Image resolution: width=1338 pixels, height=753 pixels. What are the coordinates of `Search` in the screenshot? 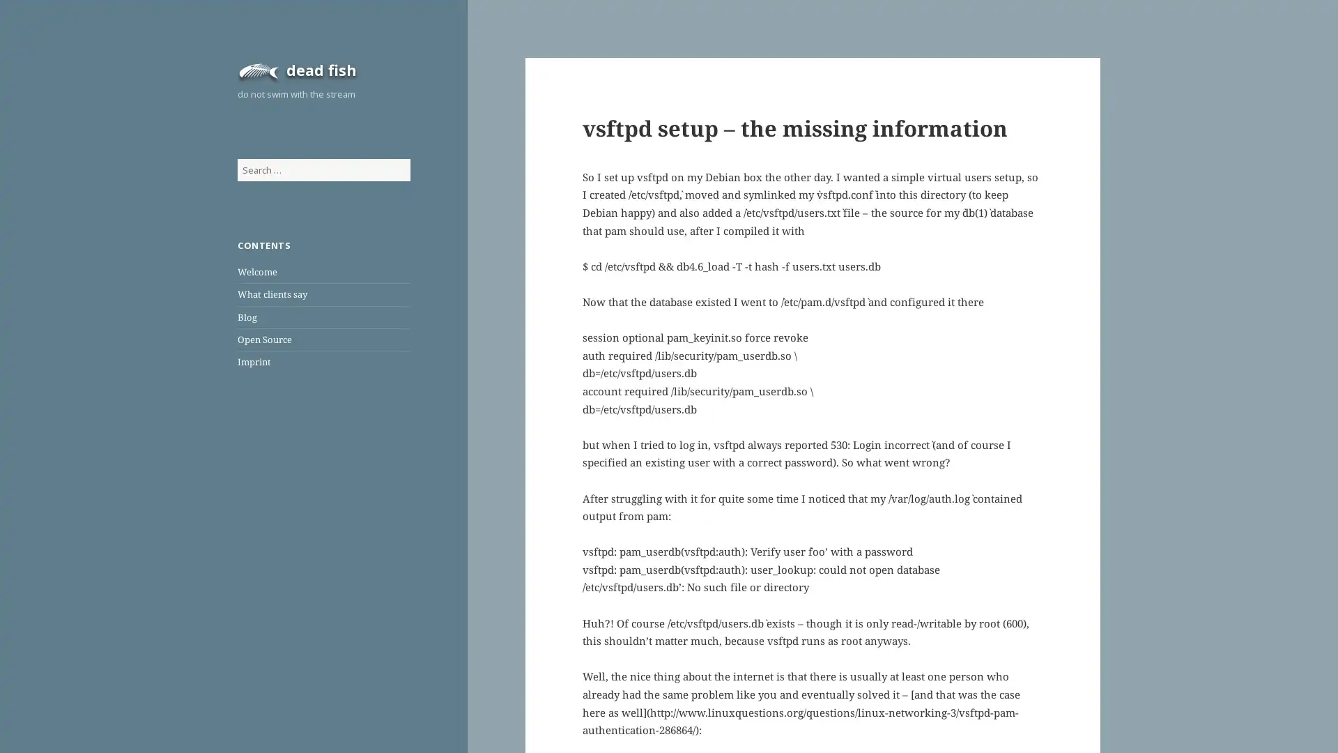 It's located at (409, 158).